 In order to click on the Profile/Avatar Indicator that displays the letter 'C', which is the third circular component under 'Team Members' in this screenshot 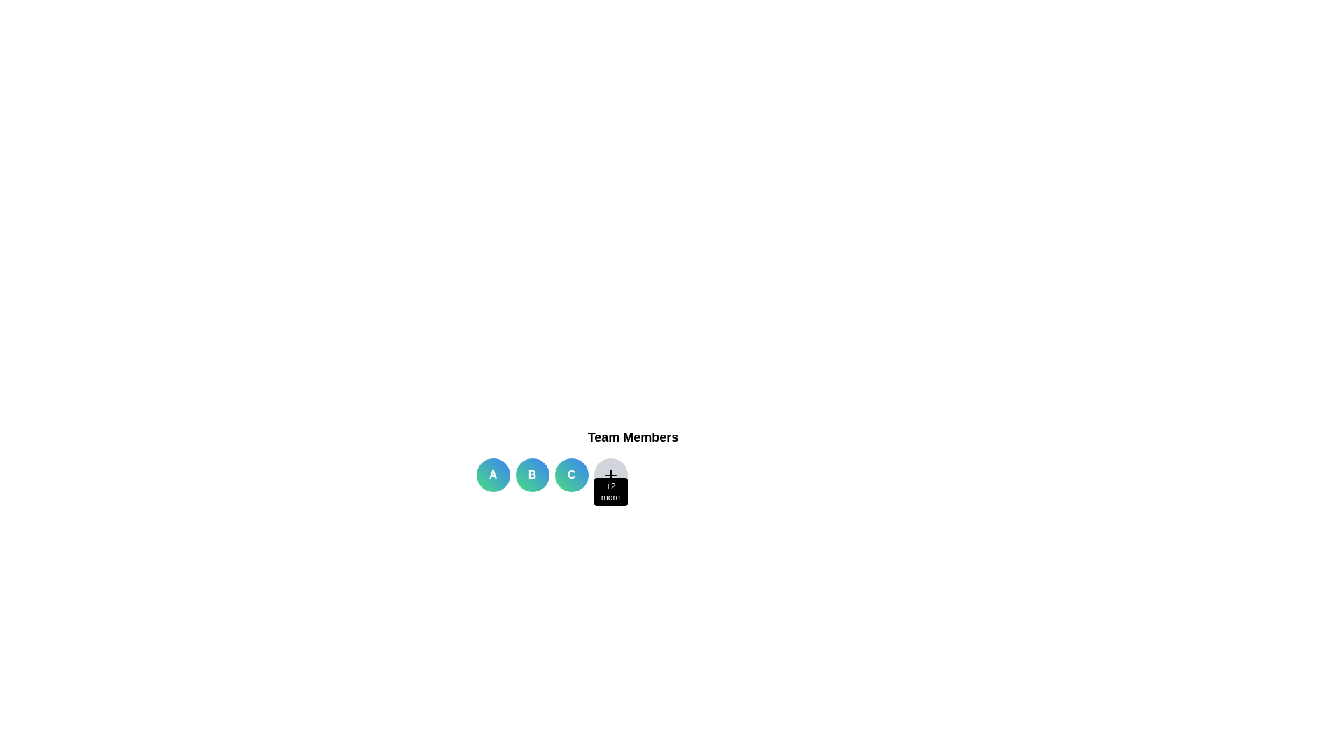, I will do `click(571, 474)`.